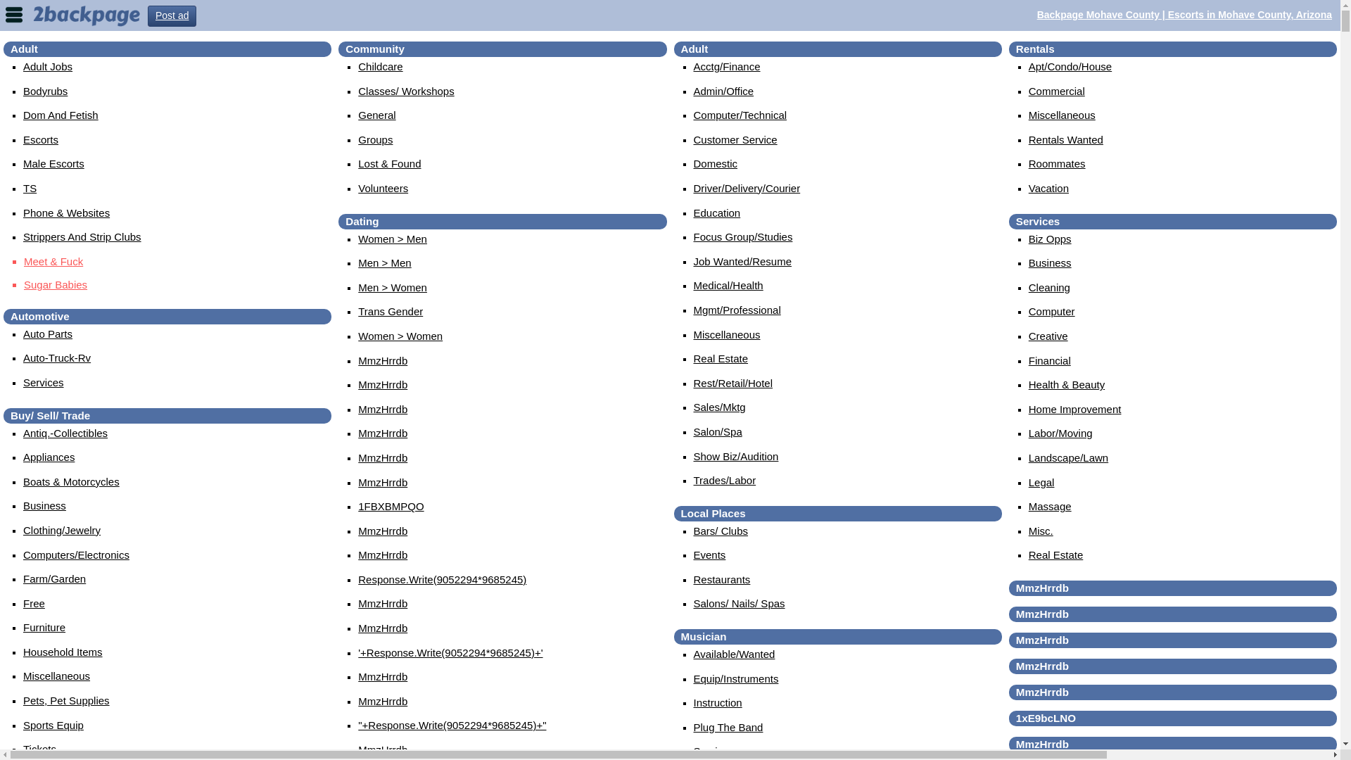  What do you see at coordinates (725, 479) in the screenshot?
I see `'Trades/Labor'` at bounding box center [725, 479].